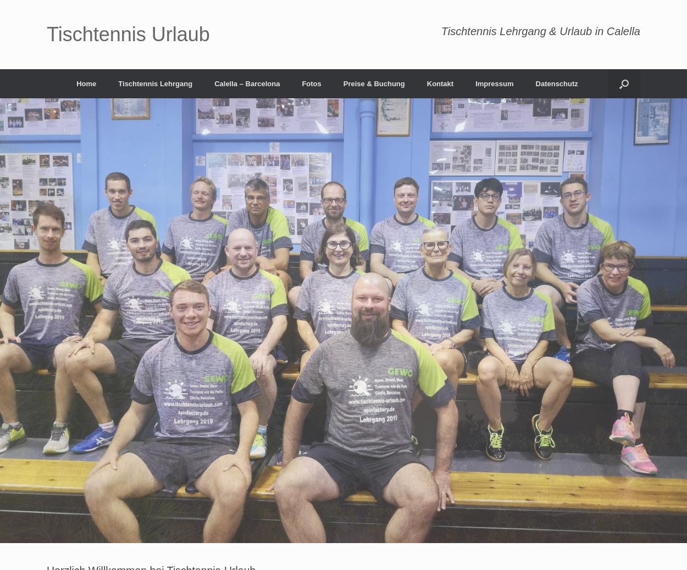 This screenshot has width=687, height=570. Describe the element at coordinates (326, 133) in the screenshot. I see `'Lehrgang 2021'` at that location.